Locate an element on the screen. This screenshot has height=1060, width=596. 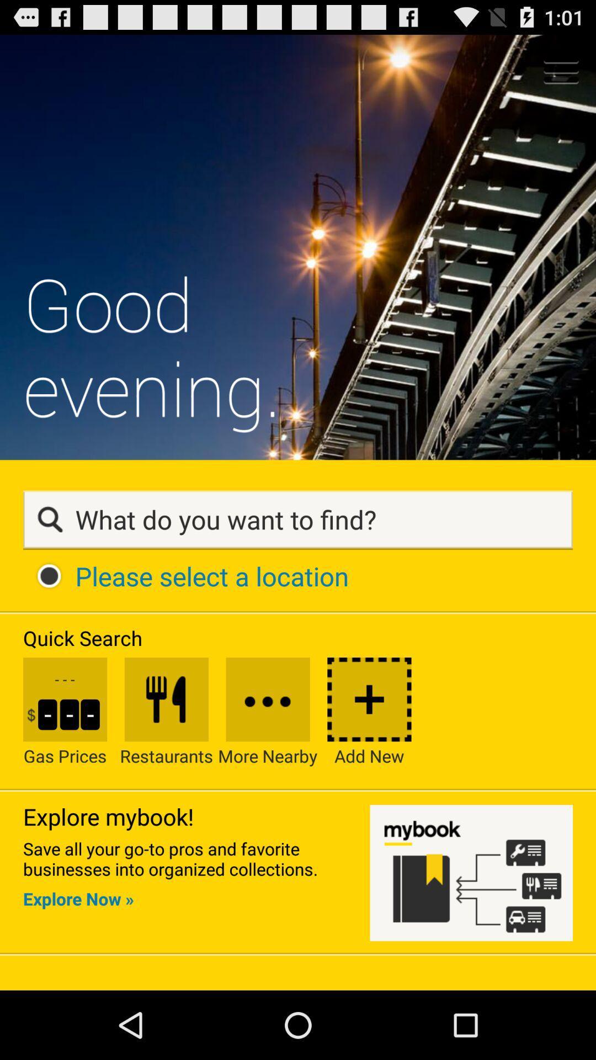
the sliders icon is located at coordinates (166, 764).